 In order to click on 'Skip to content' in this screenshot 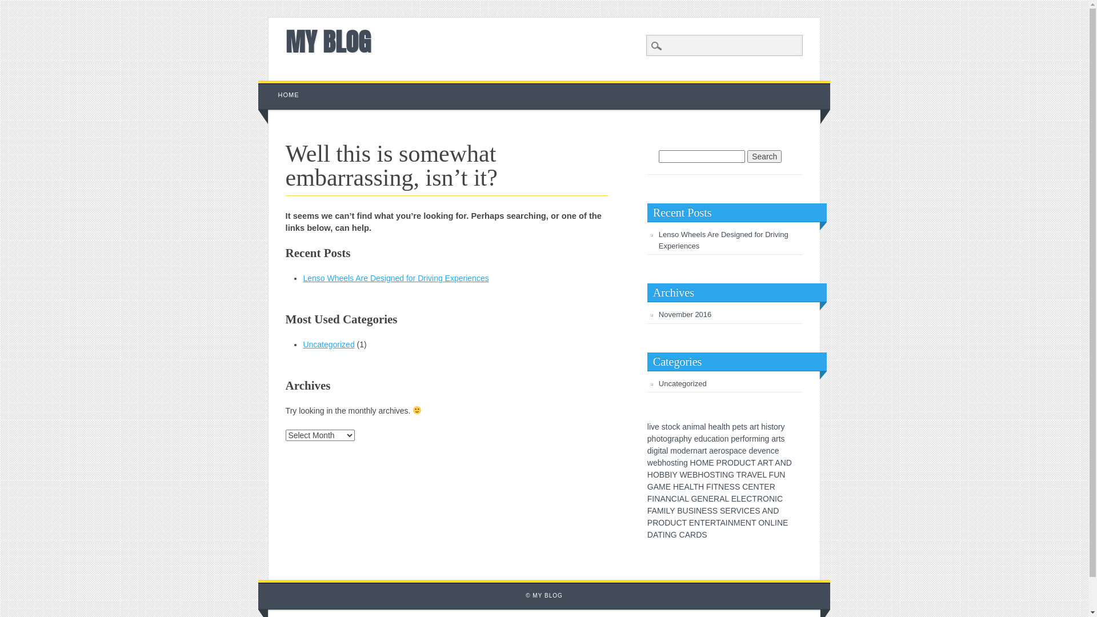, I will do `click(285, 85)`.